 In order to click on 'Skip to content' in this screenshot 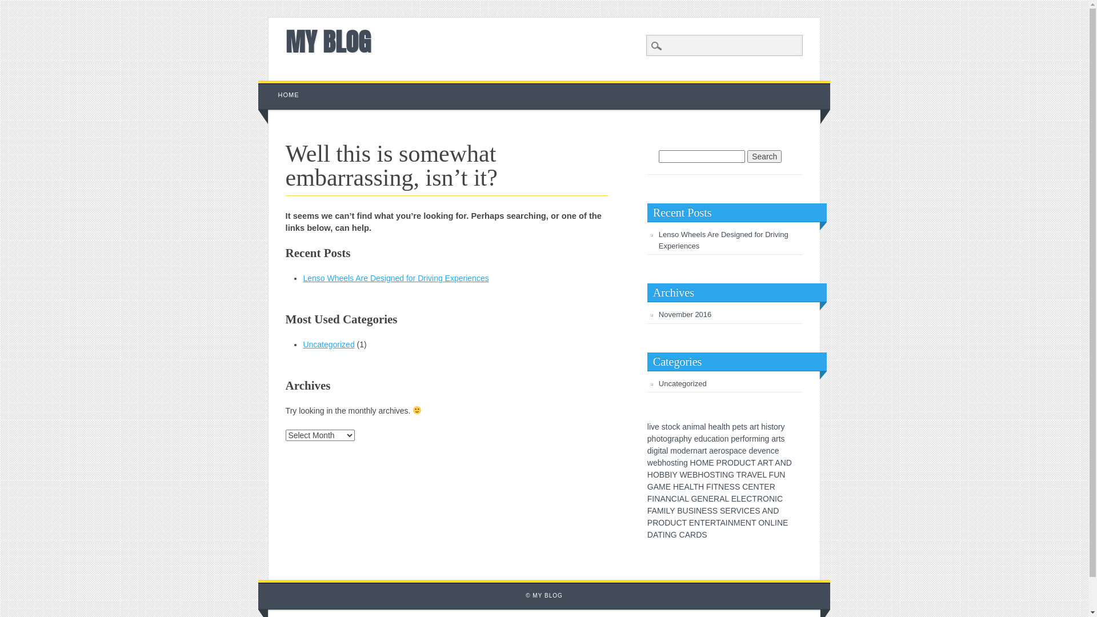, I will do `click(285, 85)`.